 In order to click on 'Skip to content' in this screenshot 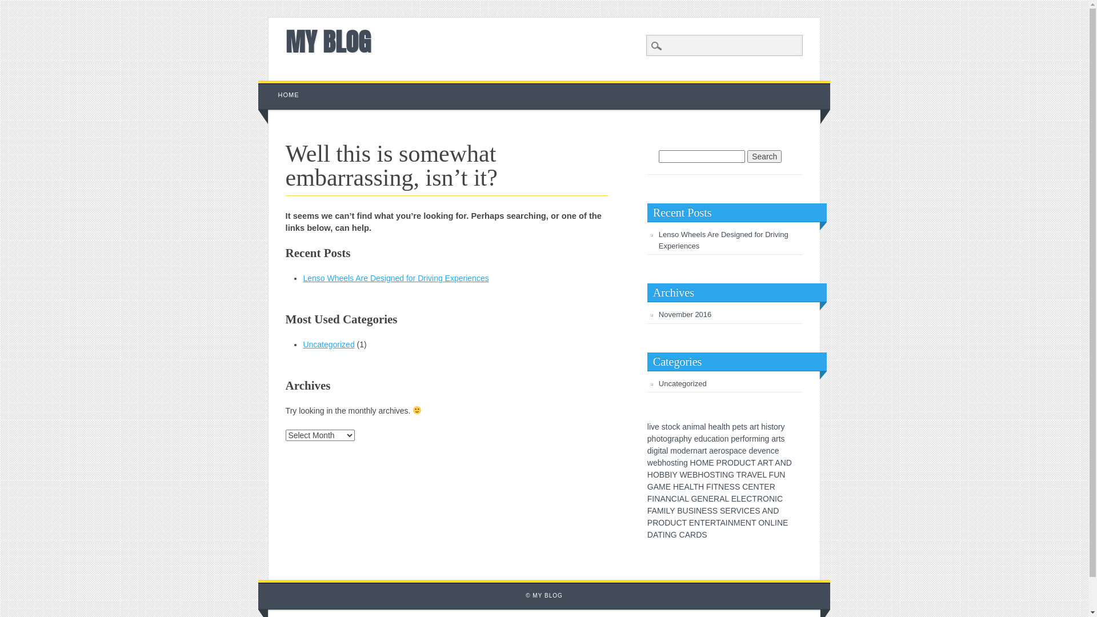, I will do `click(285, 85)`.